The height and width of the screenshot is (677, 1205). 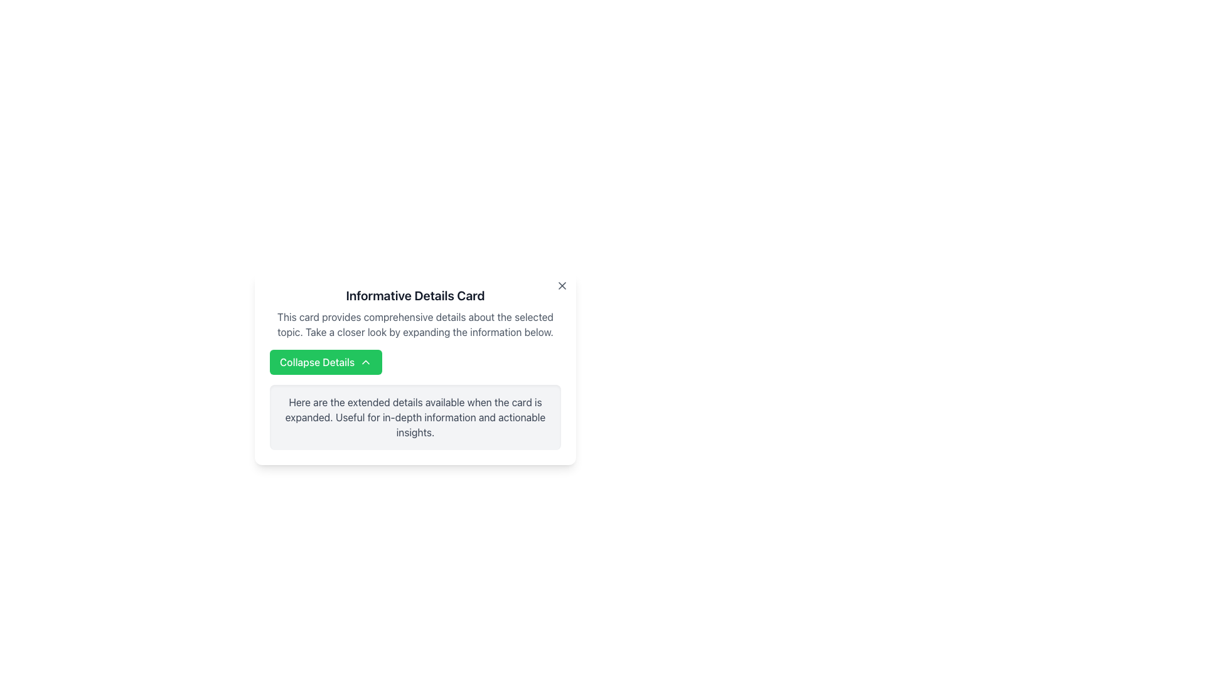 I want to click on the green button labeled 'Collapse Details' to observe the hover effect, which includes a shade change and slight enlargement, so click(x=326, y=362).